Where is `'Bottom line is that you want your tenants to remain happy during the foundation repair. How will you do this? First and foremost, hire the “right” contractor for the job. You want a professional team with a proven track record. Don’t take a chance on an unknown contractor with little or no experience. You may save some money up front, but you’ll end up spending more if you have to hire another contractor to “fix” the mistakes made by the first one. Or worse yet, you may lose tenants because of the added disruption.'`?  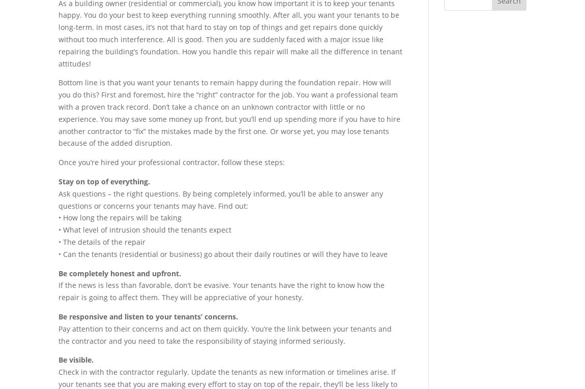
'Bottom line is that you want your tenants to remain happy during the foundation repair. How will you do this? First and foremost, hire the “right” contractor for the job. You want a professional team with a proven track record. Don’t take a chance on an unknown contractor with little or no experience. You may save some money up front, but you’ll end up spending more if you have to hire another contractor to “fix” the mistakes made by the first one. Or worse yet, you may lose tenants because of the added disruption.' is located at coordinates (229, 112).